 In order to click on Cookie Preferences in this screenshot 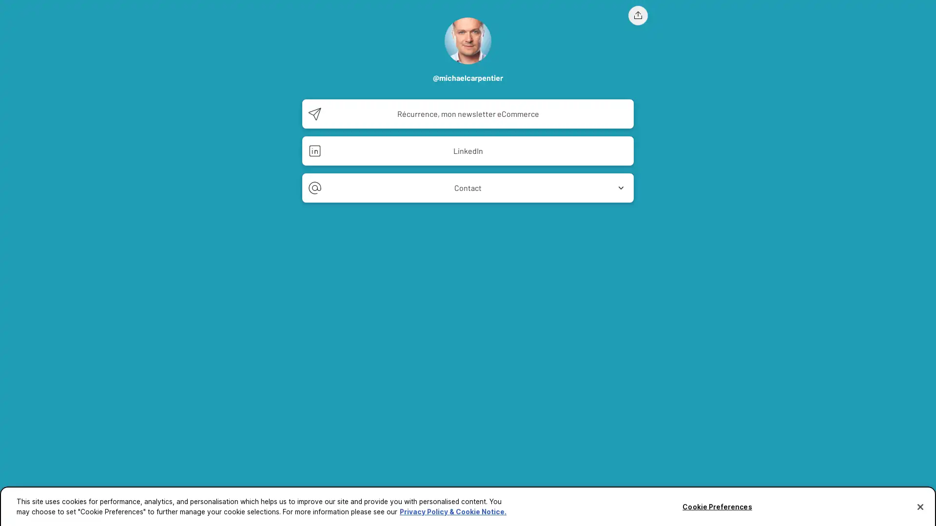, I will do `click(717, 504)`.